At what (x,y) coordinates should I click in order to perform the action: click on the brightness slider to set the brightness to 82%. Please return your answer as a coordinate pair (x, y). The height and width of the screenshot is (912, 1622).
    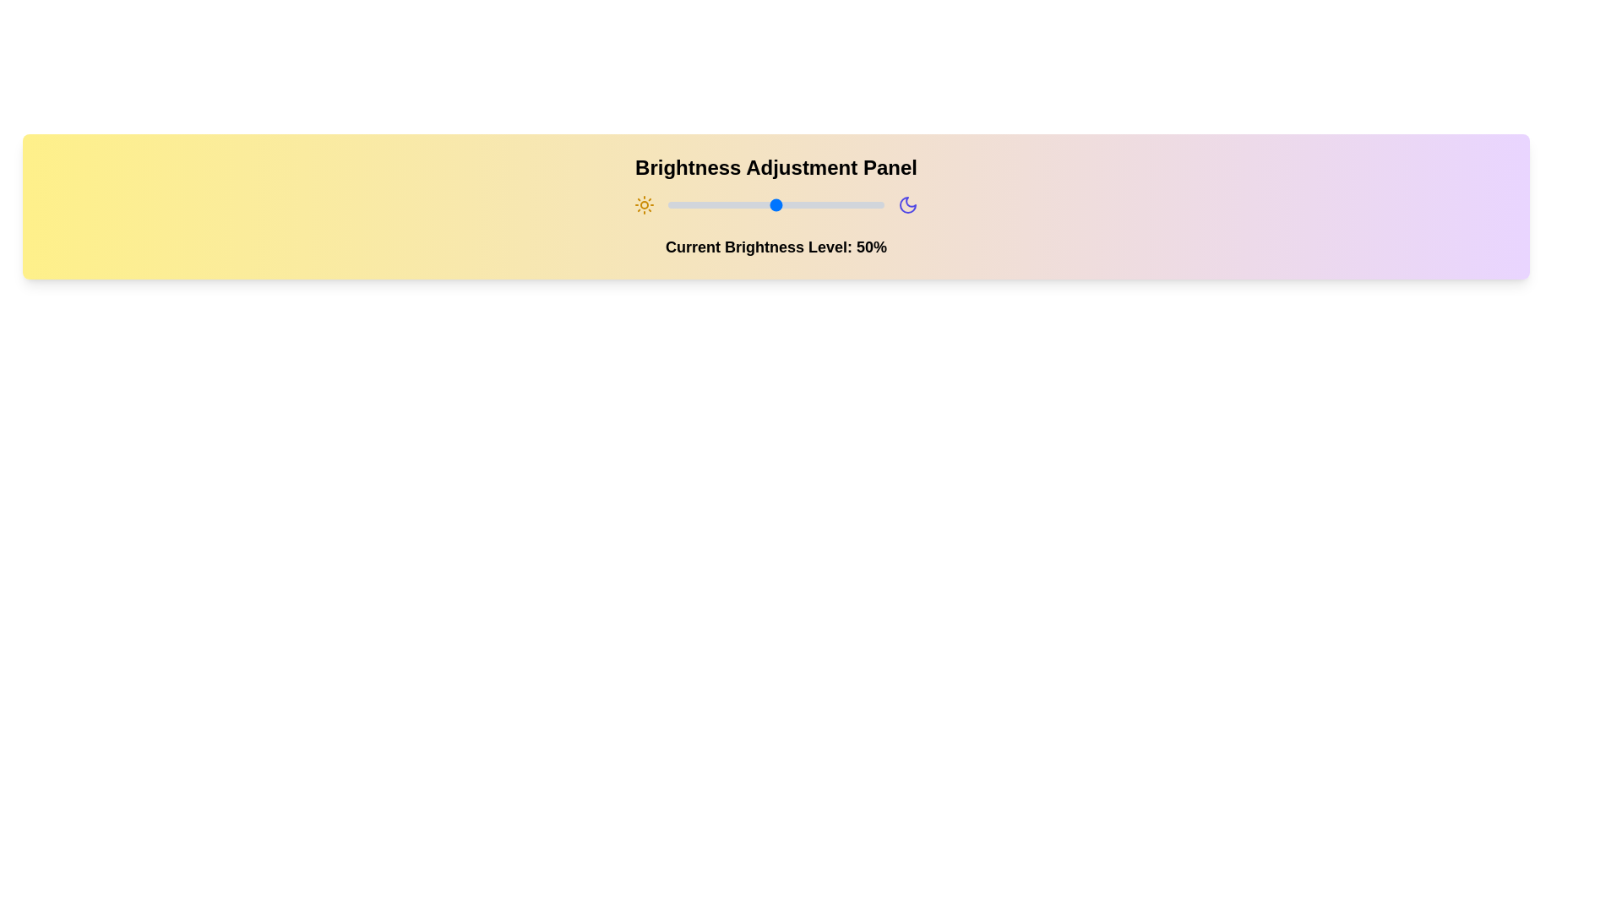
    Looking at the image, I should click on (845, 204).